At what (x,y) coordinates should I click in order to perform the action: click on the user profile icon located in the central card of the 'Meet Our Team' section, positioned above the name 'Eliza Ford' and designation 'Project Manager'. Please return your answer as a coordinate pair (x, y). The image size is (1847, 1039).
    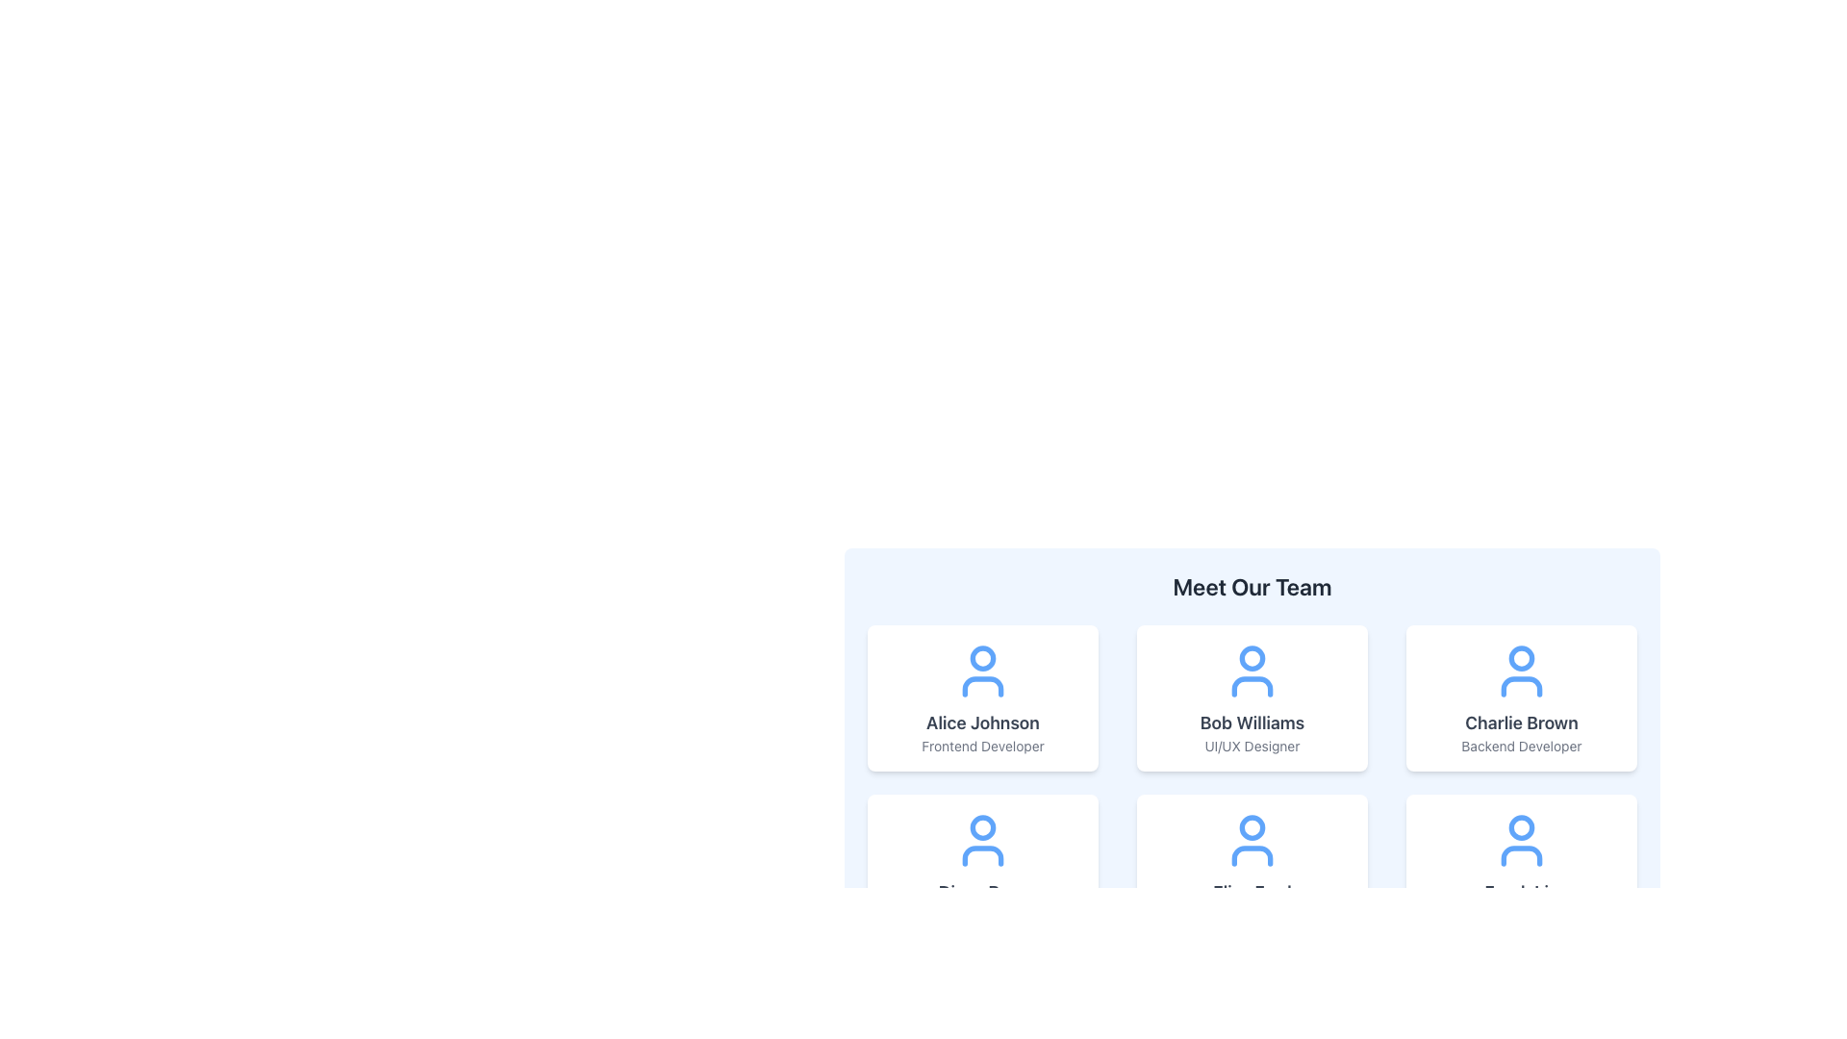
    Looking at the image, I should click on (1252, 840).